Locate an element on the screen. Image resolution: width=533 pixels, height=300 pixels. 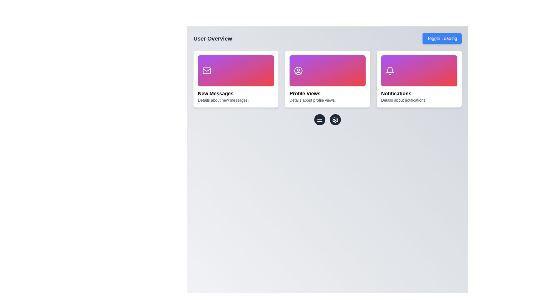
the 'Toggle Loading' button with a blue background and white text in the top-right corner of the 'User Overview' section to change its appearance is located at coordinates (442, 38).